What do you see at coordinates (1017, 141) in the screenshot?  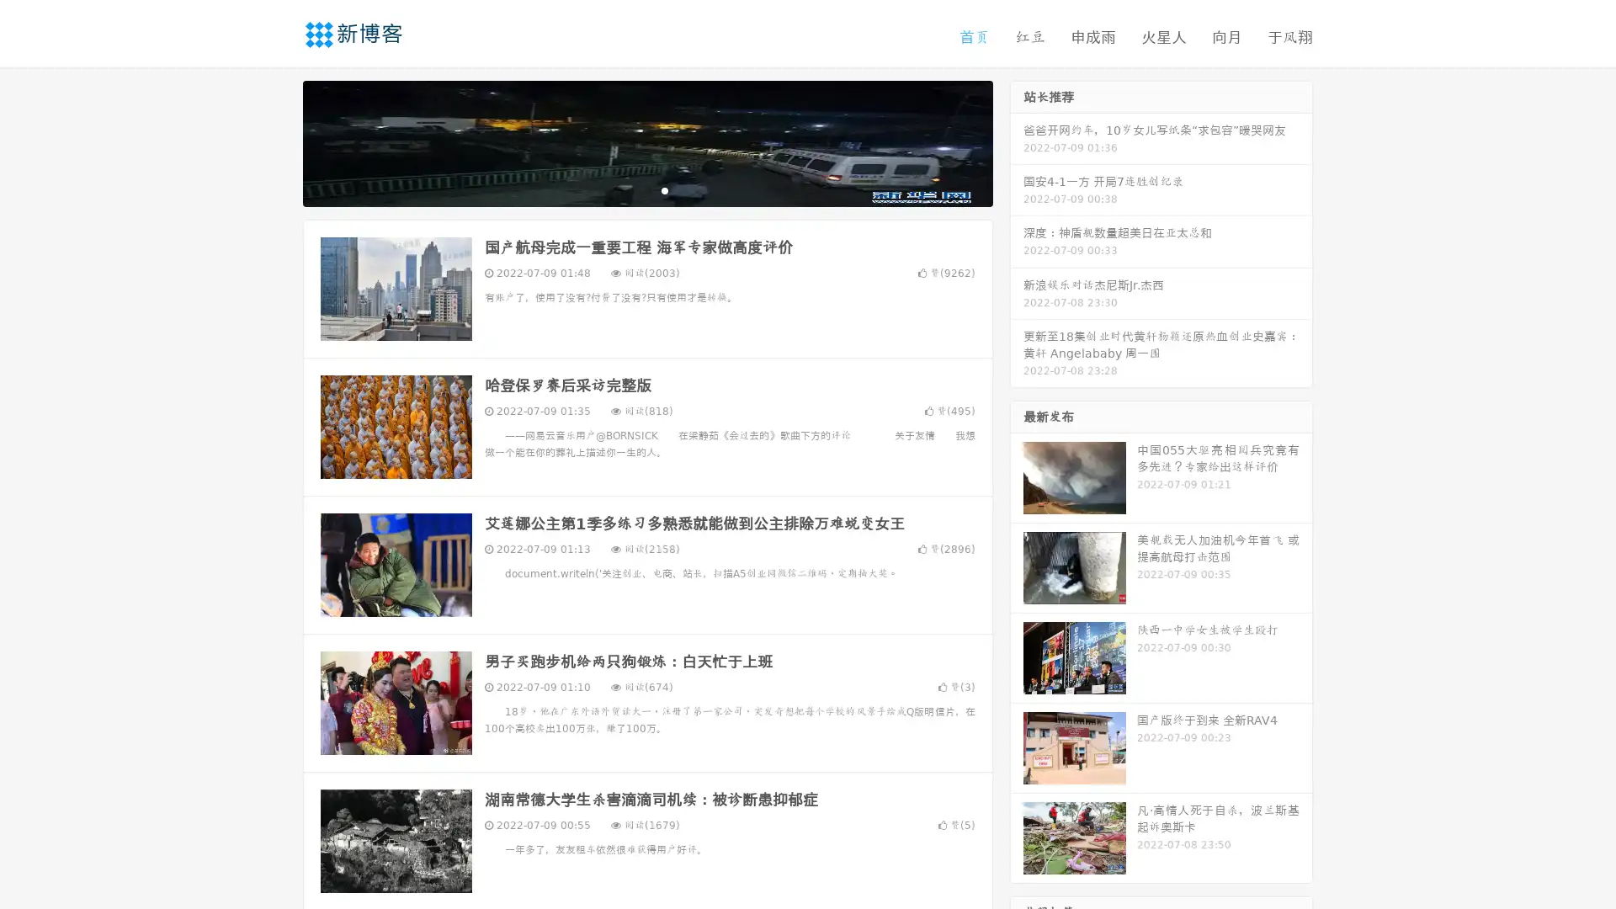 I see `Next slide` at bounding box center [1017, 141].